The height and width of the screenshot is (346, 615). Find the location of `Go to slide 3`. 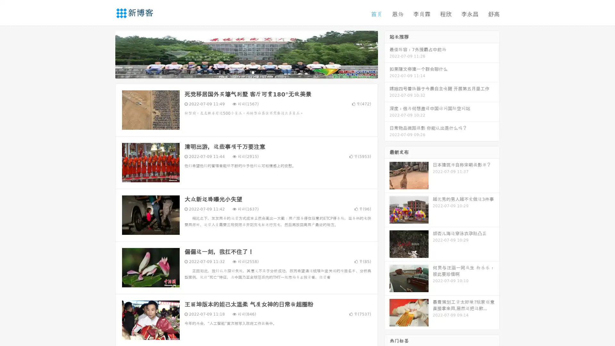

Go to slide 3 is located at coordinates (253, 72).